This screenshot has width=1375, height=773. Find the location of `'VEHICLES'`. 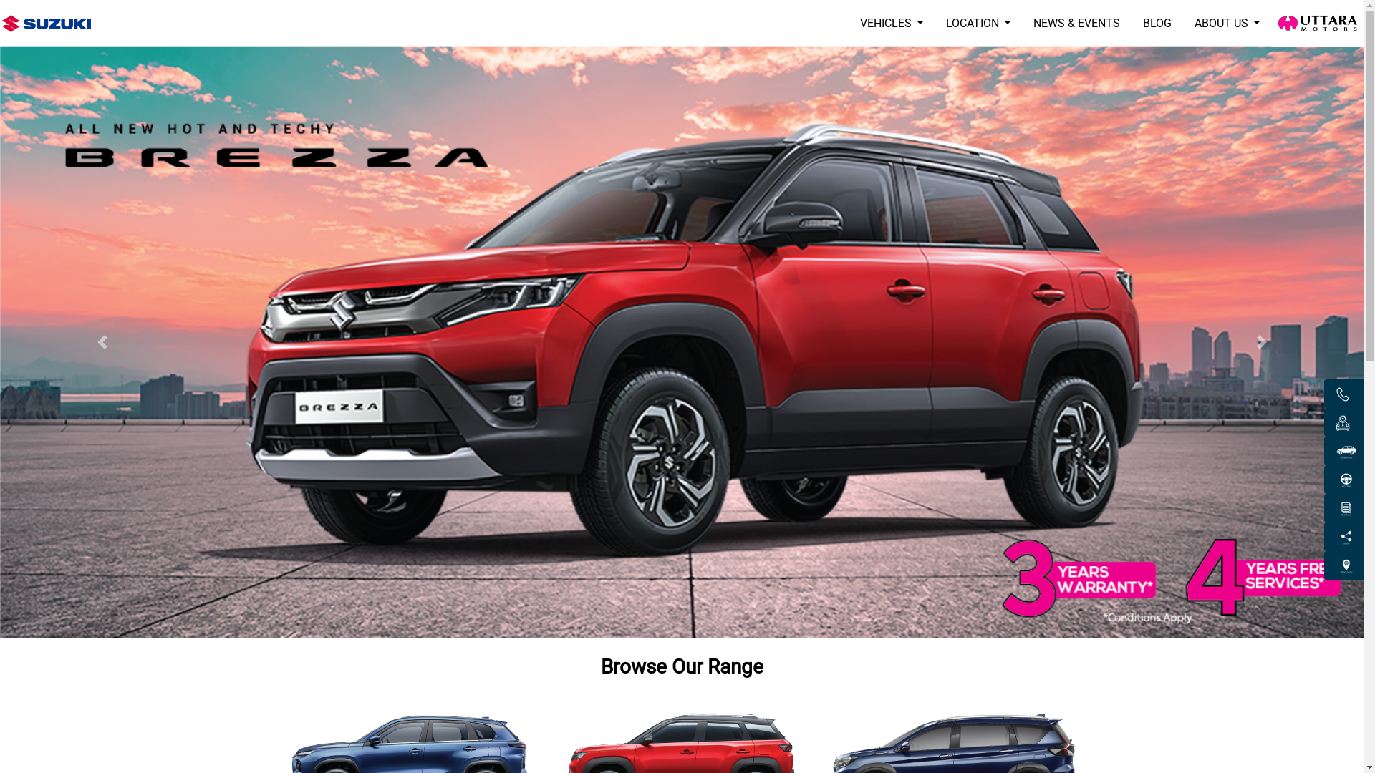

'VEHICLES' is located at coordinates (849, 24).